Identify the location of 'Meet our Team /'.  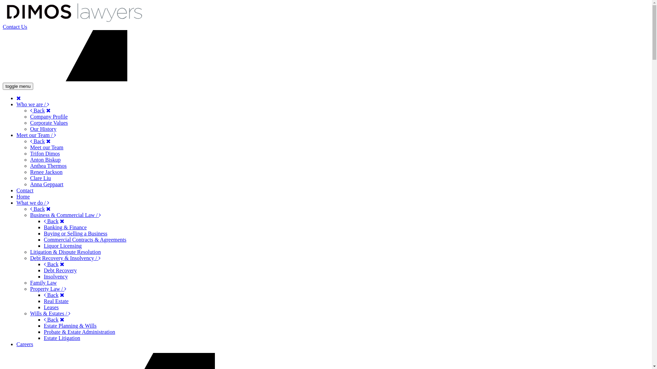
(36, 135).